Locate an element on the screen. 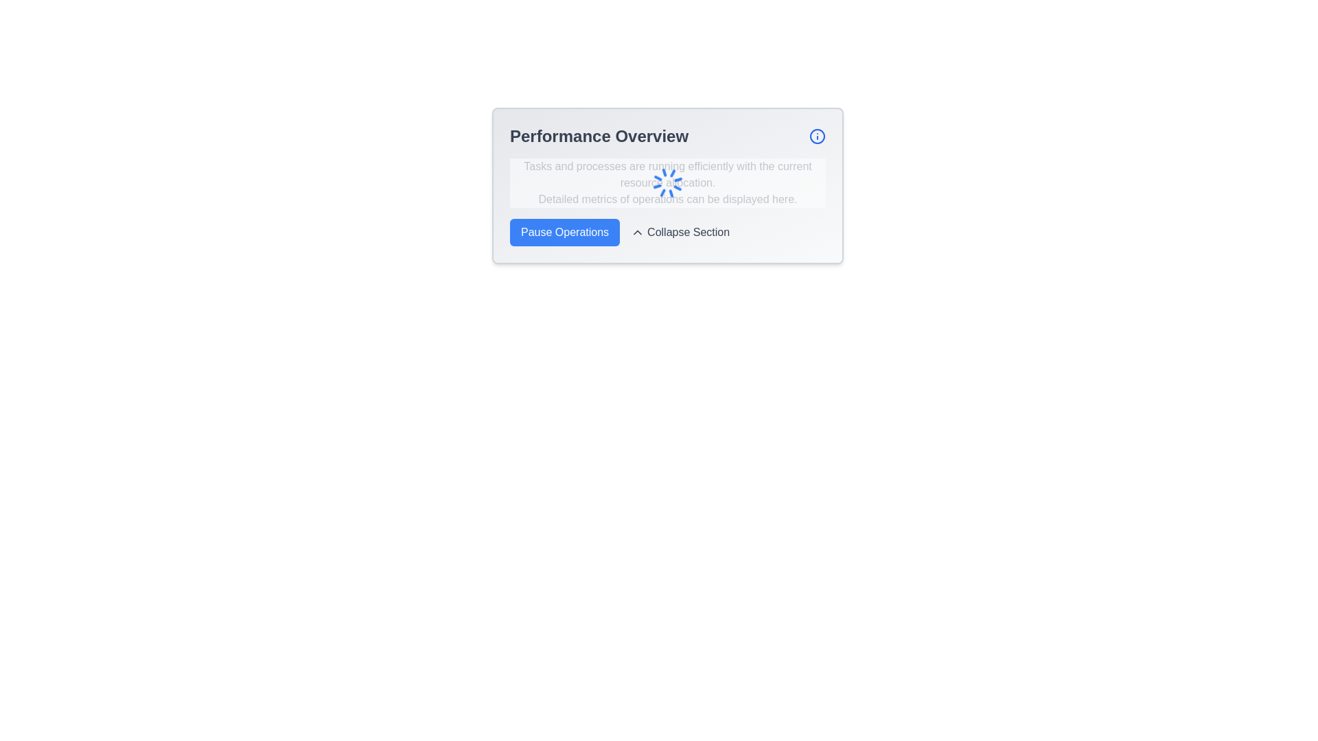  the pause button located below the 'Performance Overview' text and to the left of the 'Collapse Section' element is located at coordinates (565, 232).